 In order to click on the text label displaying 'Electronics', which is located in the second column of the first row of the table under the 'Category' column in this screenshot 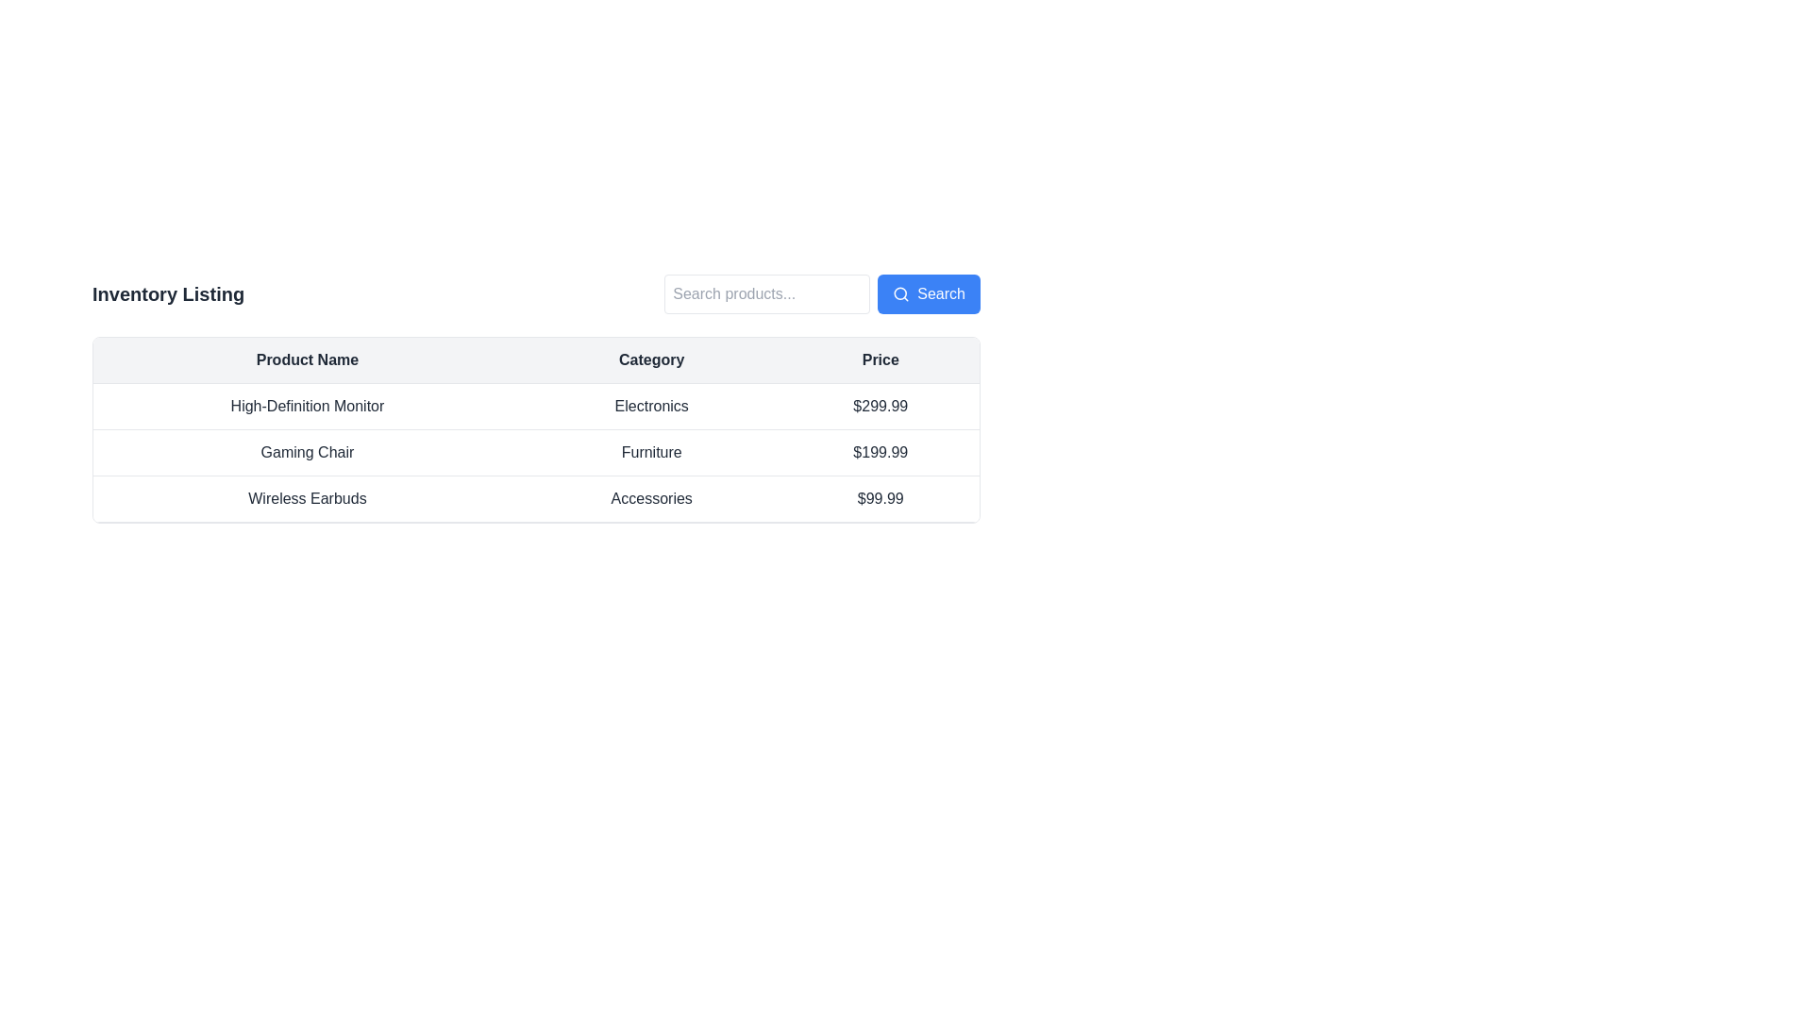, I will do `click(651, 406)`.